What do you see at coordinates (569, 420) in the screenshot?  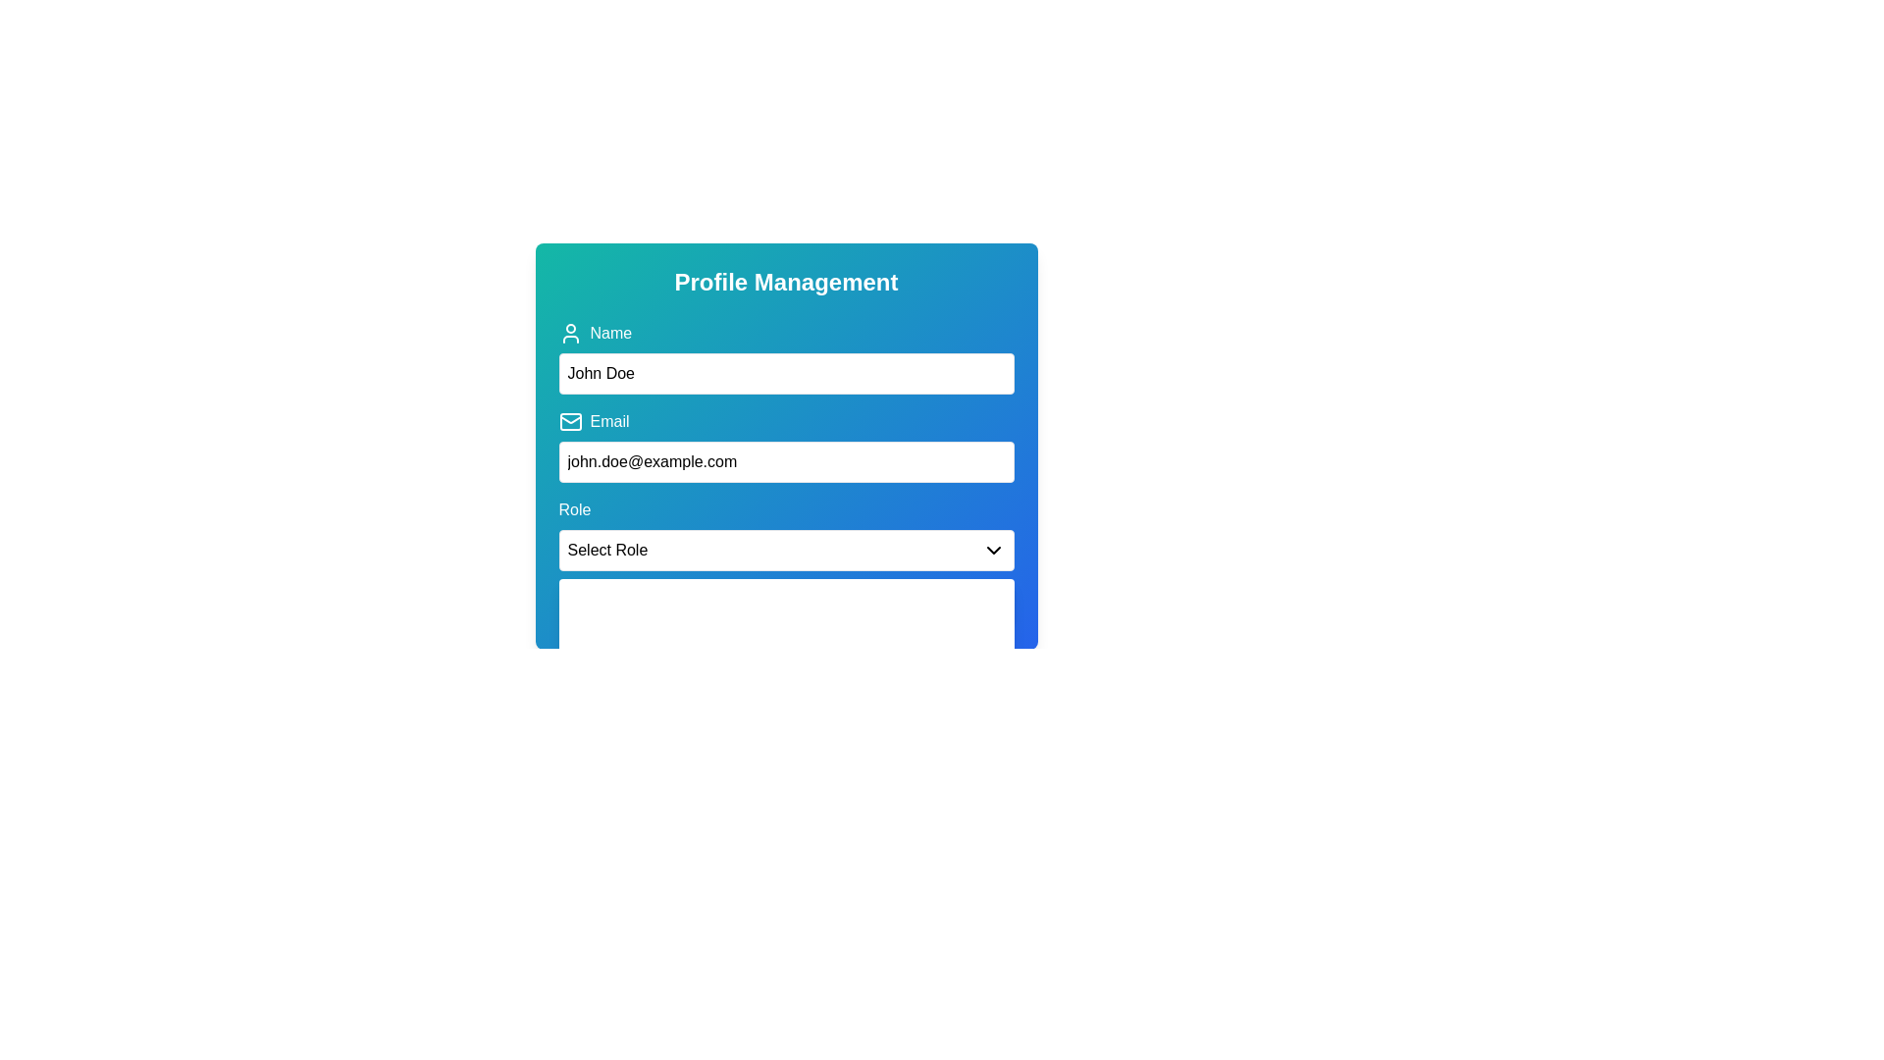 I see `the mail icon styled as an outlined envelope that is positioned to the left of the 'Email' label in the form section` at bounding box center [569, 420].